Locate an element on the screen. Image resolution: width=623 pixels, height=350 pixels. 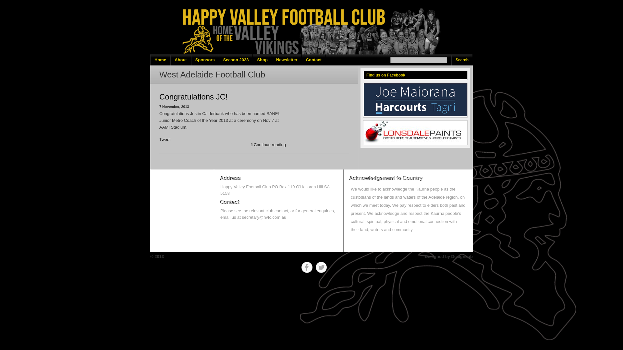
'Search' is located at coordinates (462, 60).